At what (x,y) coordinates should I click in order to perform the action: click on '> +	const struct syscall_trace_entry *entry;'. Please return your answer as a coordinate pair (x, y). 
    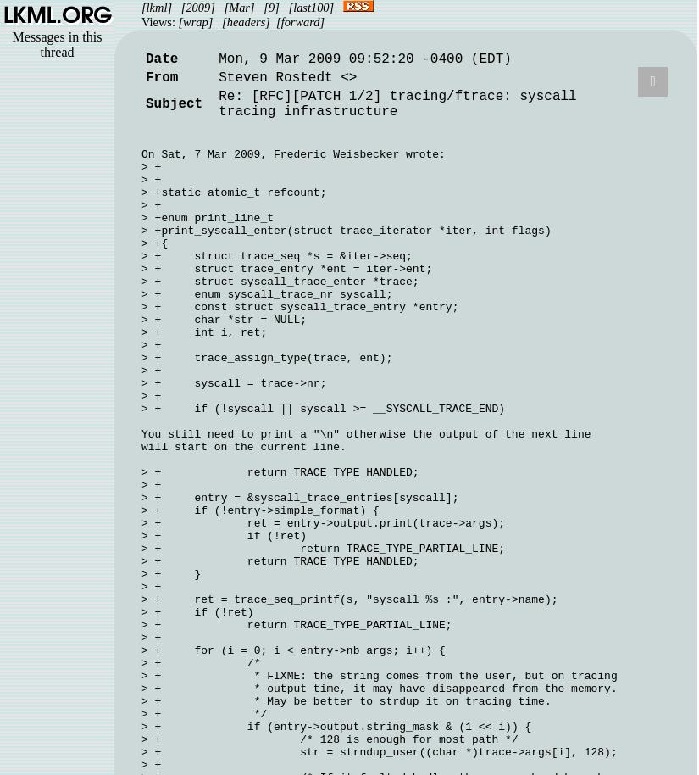
    Looking at the image, I should click on (141, 306).